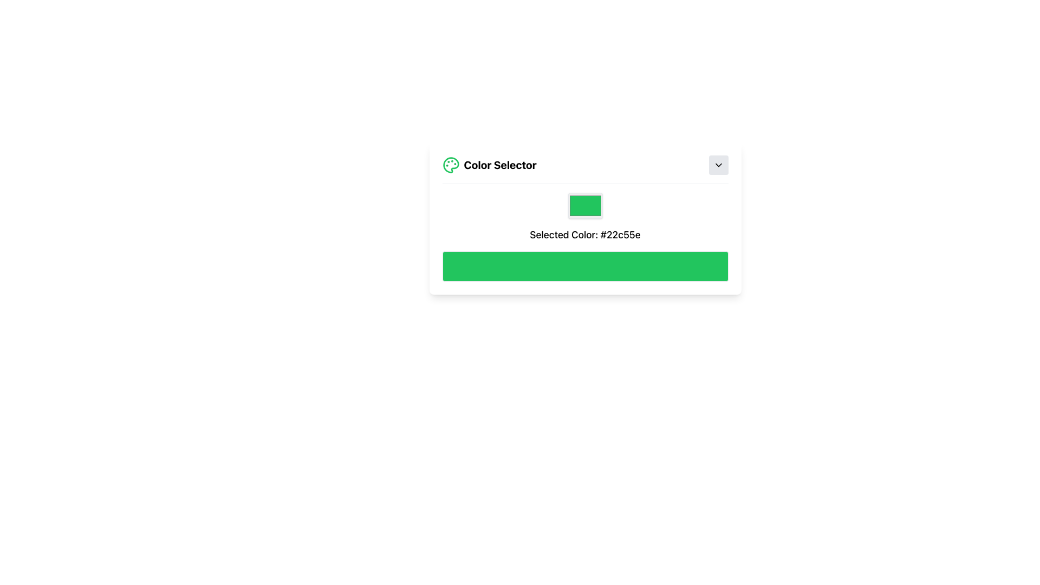  What do you see at coordinates (584, 235) in the screenshot?
I see `the Text Label displaying 'Selected Color: #22c55e', which is centrally aligned beneath a green rectangle` at bounding box center [584, 235].